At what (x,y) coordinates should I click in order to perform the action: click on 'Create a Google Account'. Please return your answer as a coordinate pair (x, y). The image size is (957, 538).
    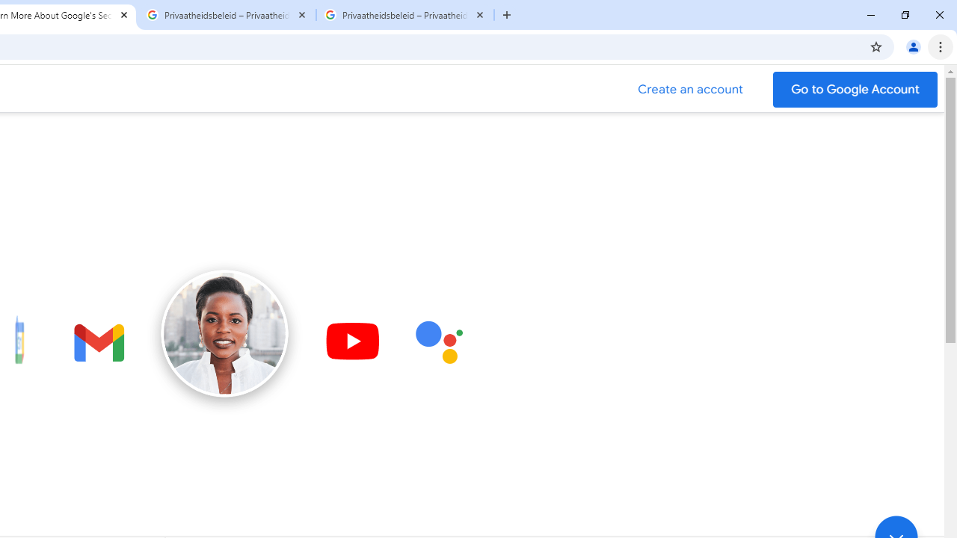
    Looking at the image, I should click on (690, 89).